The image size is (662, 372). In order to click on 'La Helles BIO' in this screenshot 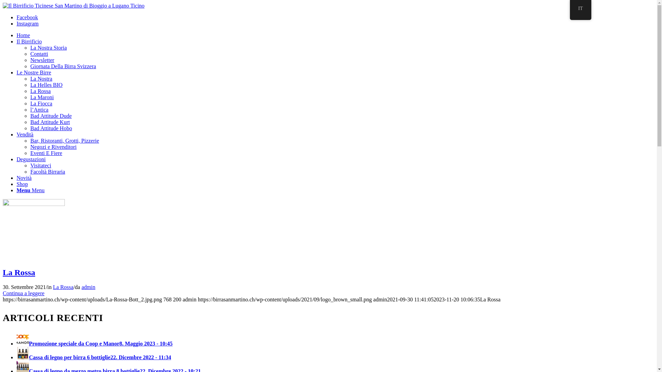, I will do `click(30, 84)`.